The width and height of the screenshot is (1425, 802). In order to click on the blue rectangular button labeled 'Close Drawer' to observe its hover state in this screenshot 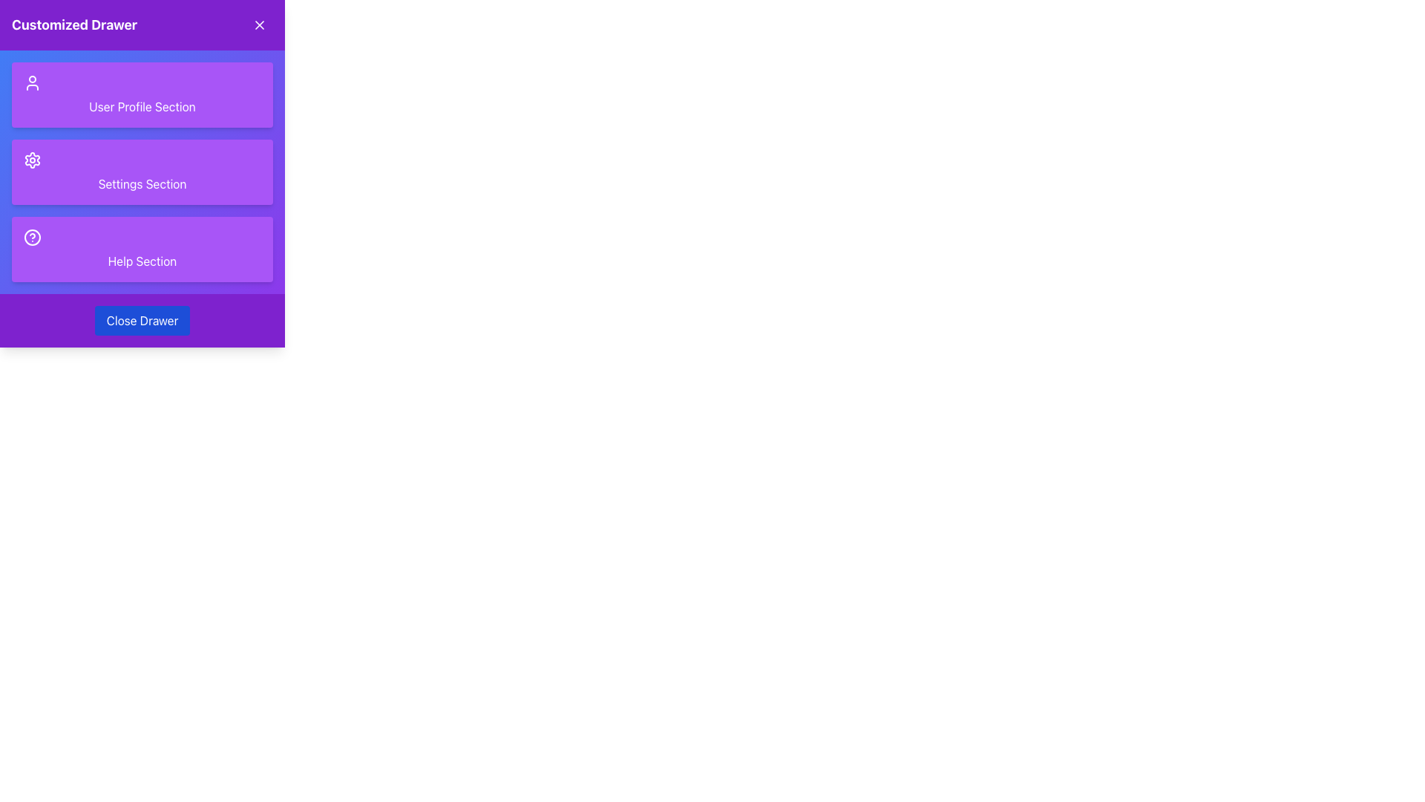, I will do `click(142, 320)`.